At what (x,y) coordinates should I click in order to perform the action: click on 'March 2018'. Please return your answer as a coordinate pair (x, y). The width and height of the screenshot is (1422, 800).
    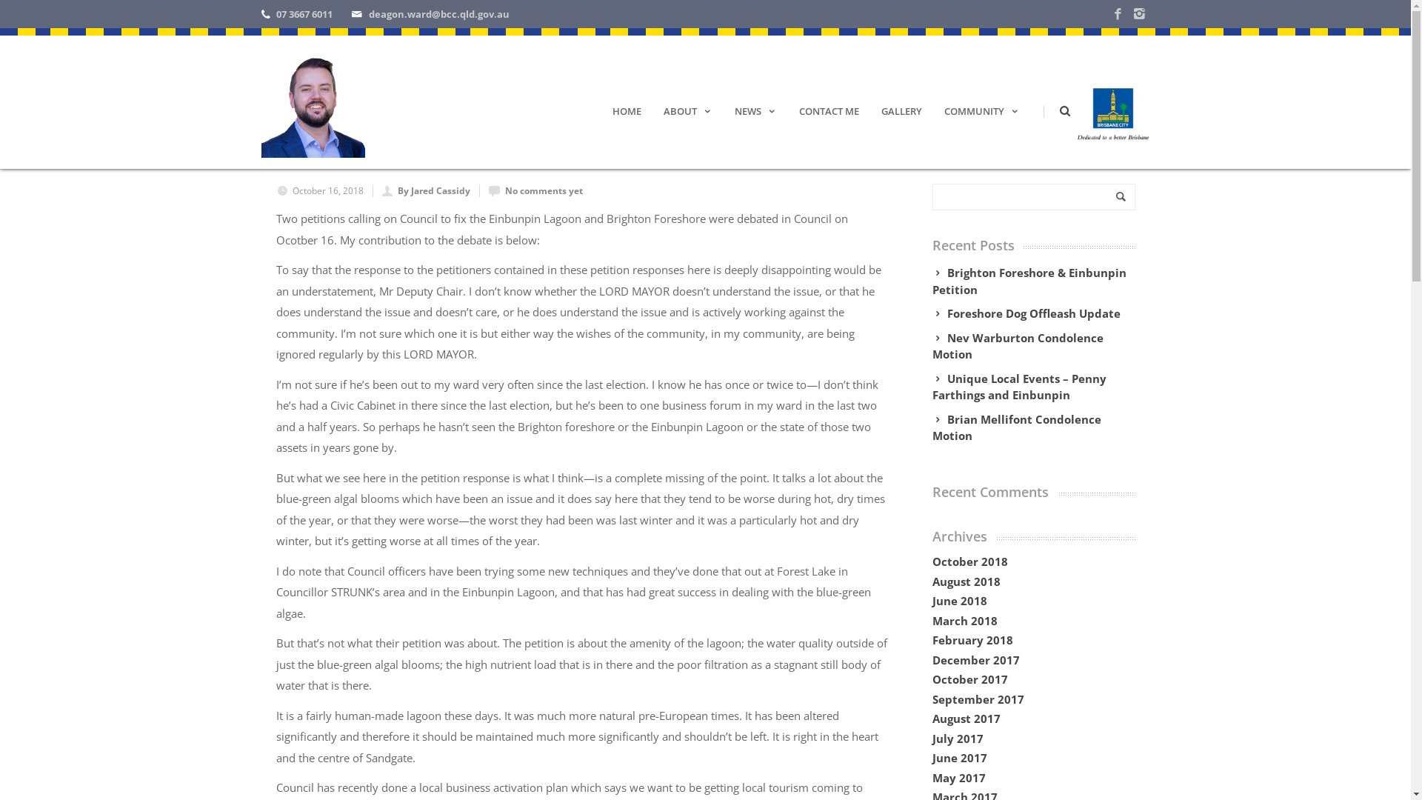
    Looking at the image, I should click on (964, 620).